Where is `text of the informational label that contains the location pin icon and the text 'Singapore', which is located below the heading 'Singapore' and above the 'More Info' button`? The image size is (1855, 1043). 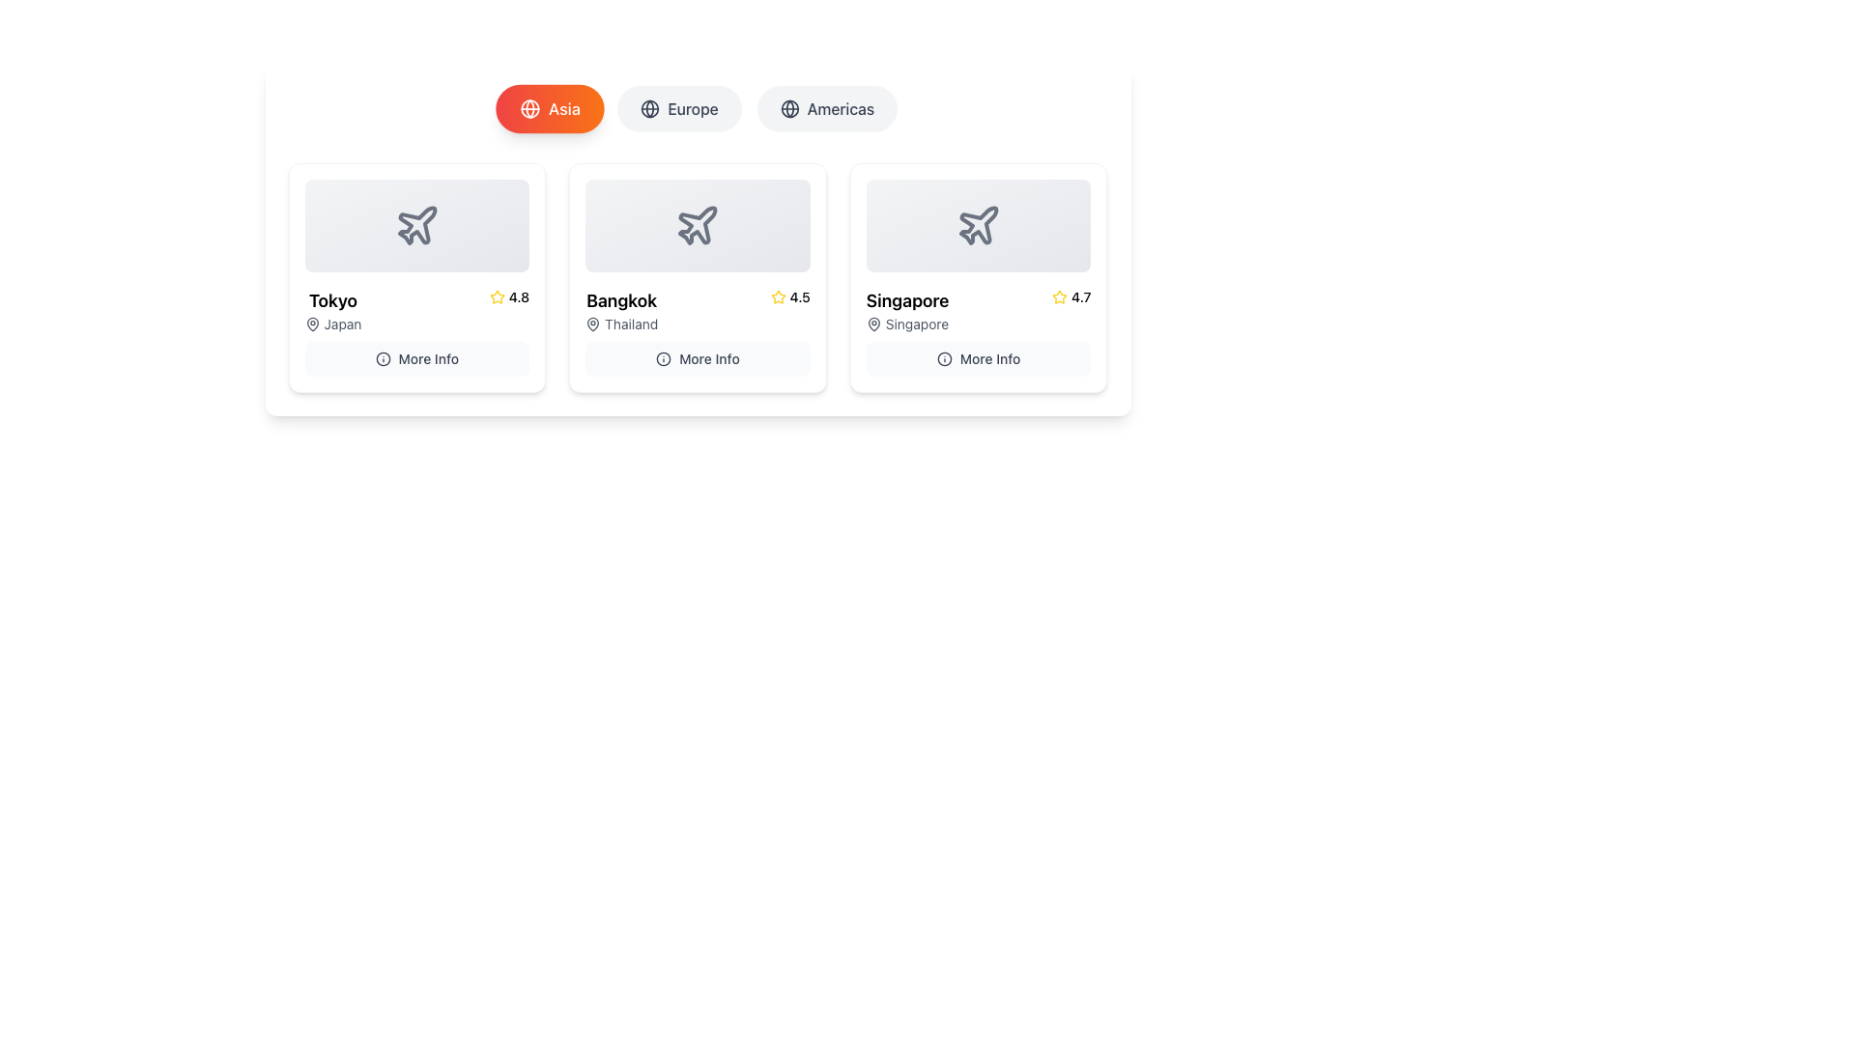
text of the informational label that contains the location pin icon and the text 'Singapore', which is located below the heading 'Singapore' and above the 'More Info' button is located at coordinates (906, 323).